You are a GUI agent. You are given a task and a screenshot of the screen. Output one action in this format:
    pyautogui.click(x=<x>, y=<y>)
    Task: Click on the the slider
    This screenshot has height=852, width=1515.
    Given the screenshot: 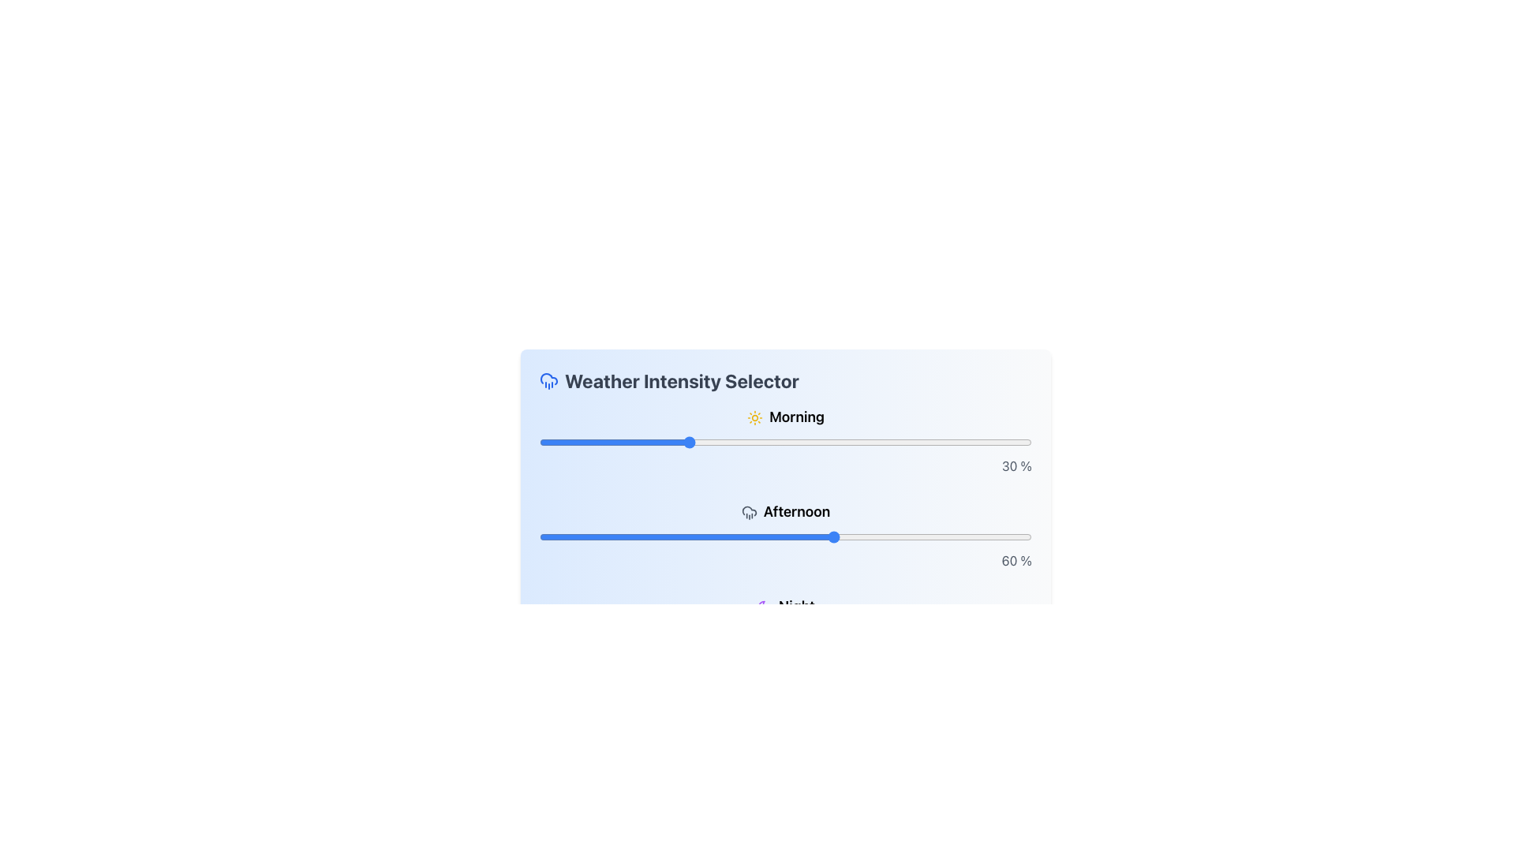 What is the action you would take?
    pyautogui.click(x=854, y=631)
    